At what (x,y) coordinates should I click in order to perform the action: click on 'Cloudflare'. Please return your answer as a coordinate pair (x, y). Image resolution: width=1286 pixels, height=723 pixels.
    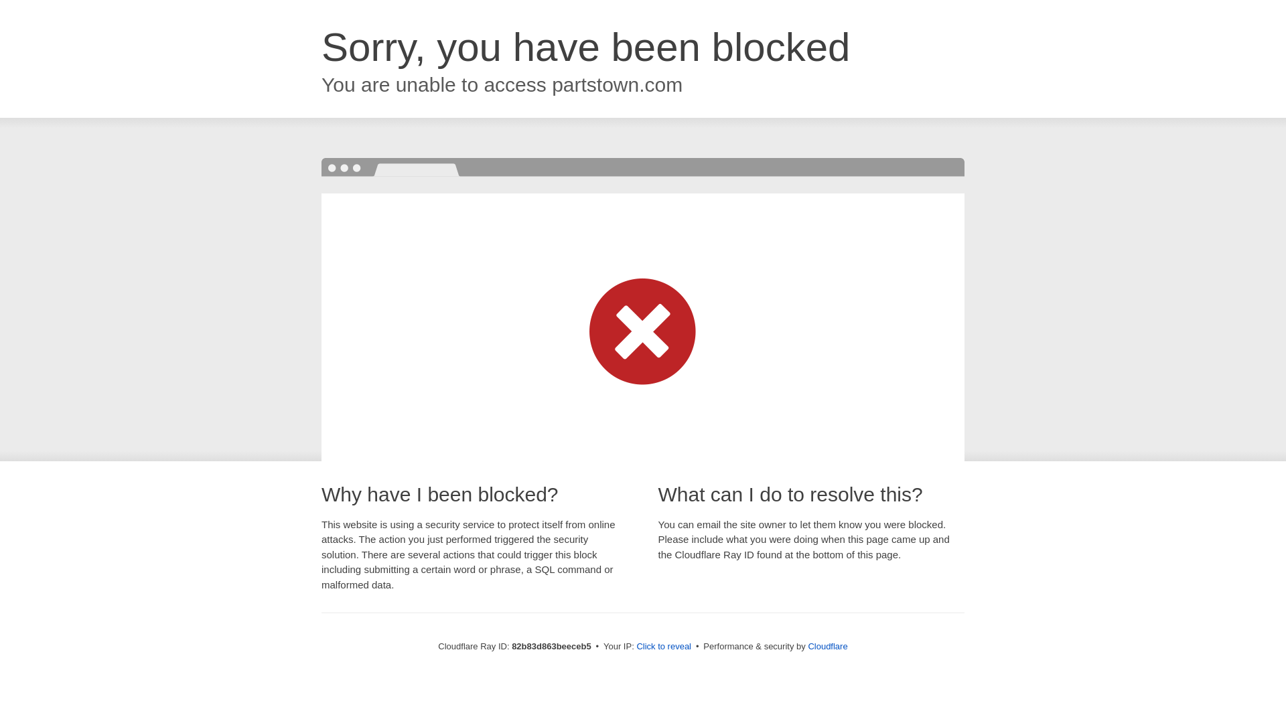
    Looking at the image, I should click on (827, 645).